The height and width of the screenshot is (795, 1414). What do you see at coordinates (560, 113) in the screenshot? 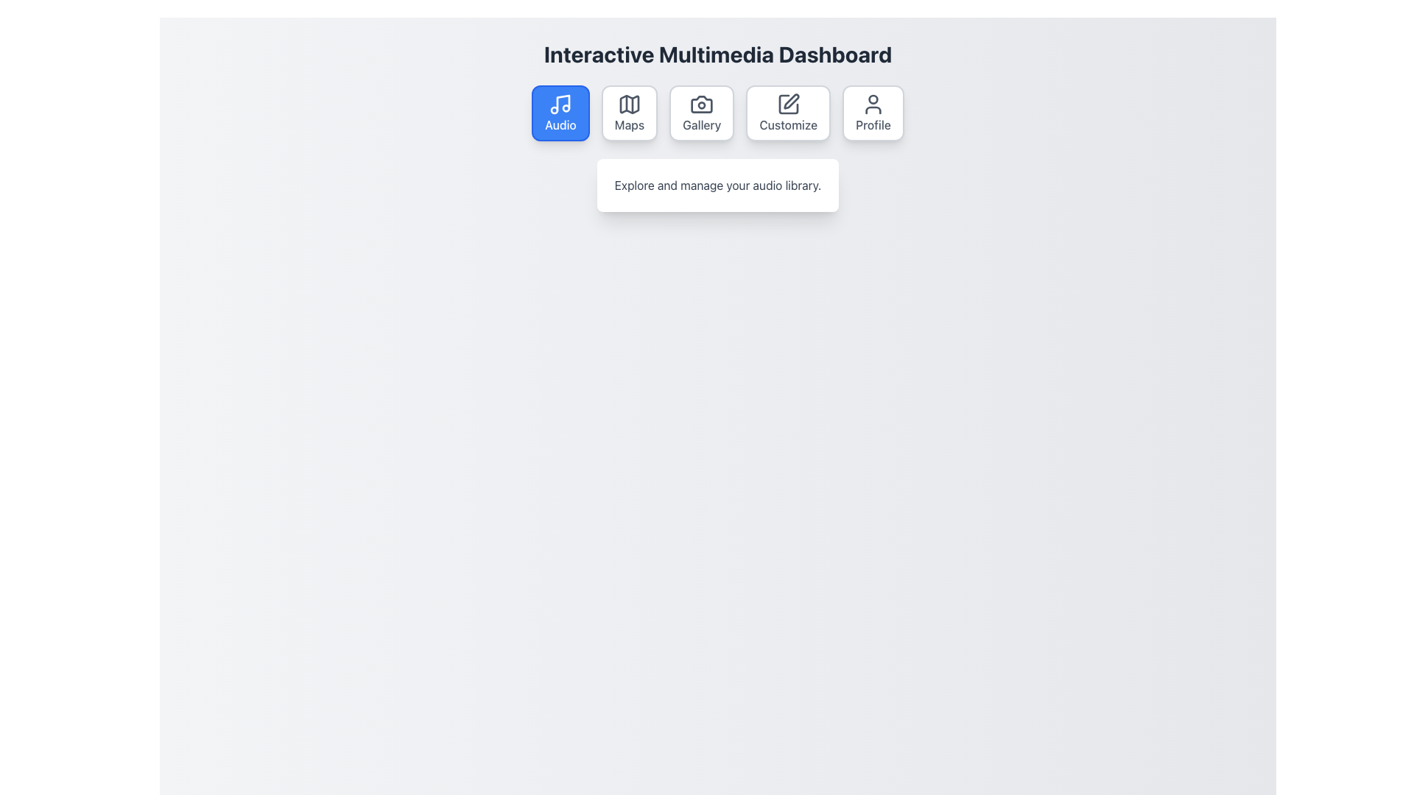
I see `the 'Audio' button, which is a rectangular button with rounded corners, a blue background, and white text` at bounding box center [560, 113].